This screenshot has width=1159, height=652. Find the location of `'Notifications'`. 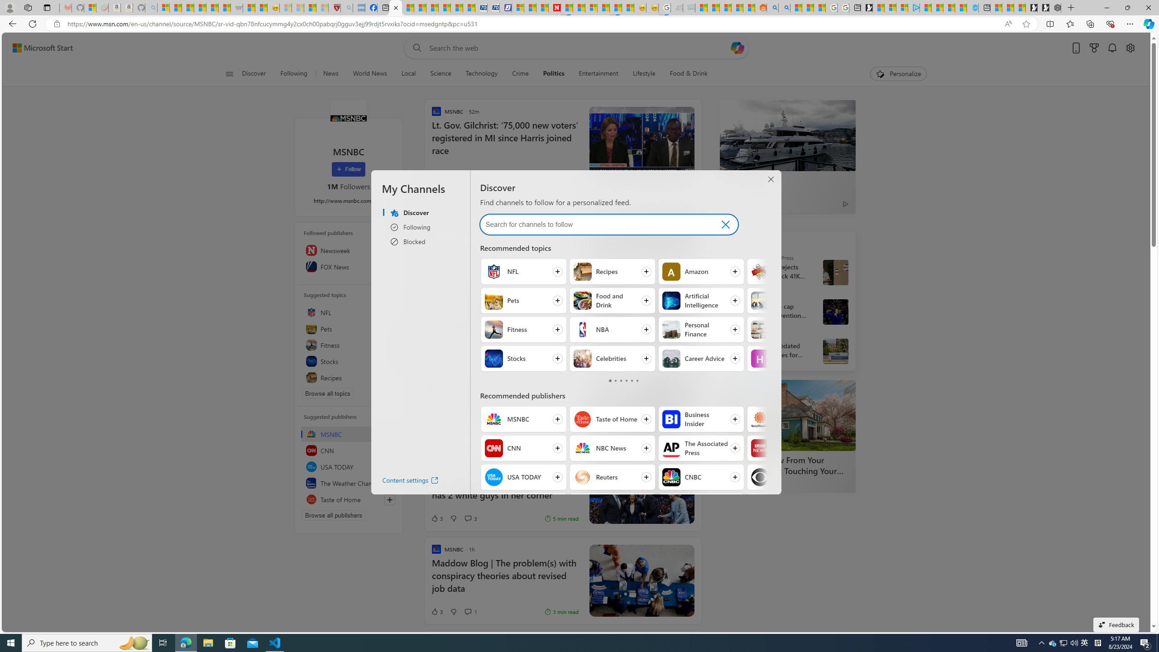

'Notifications' is located at coordinates (1112, 48).